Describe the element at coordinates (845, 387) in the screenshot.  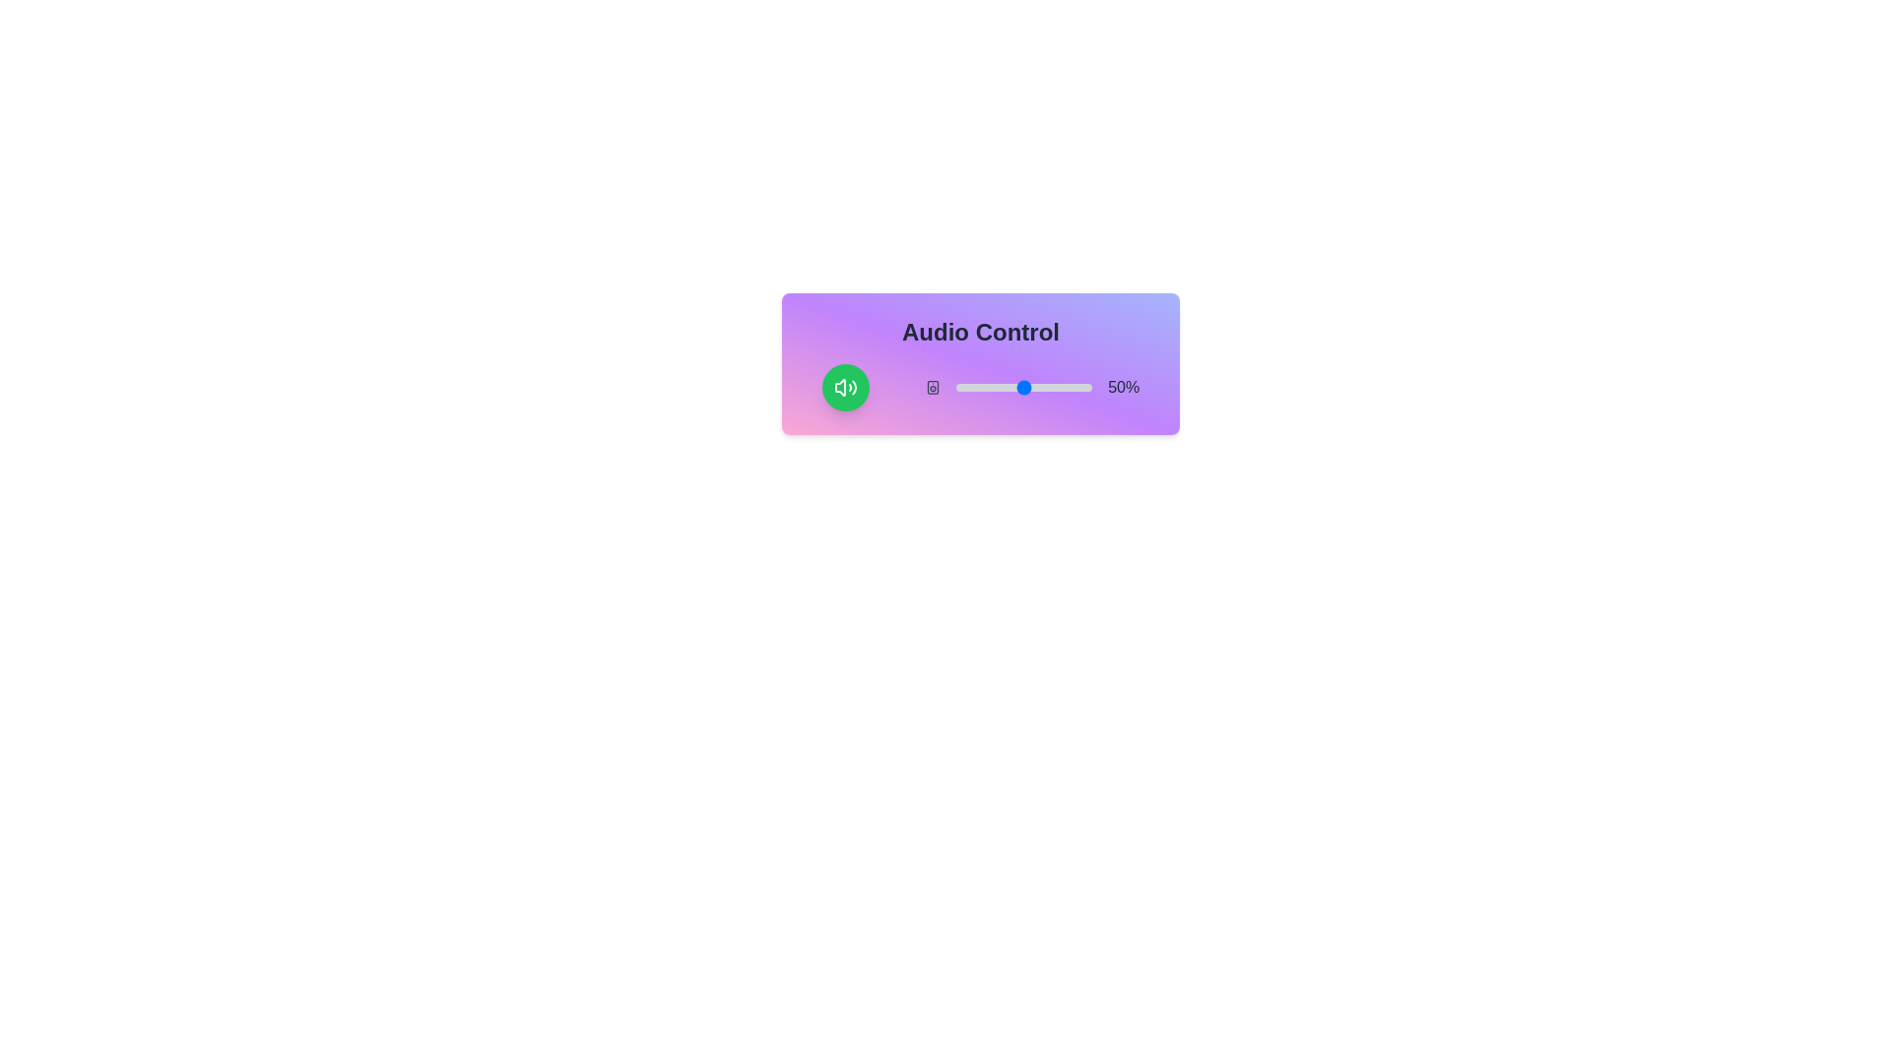
I see `the mute/unmute button to observe its visual state change` at that location.